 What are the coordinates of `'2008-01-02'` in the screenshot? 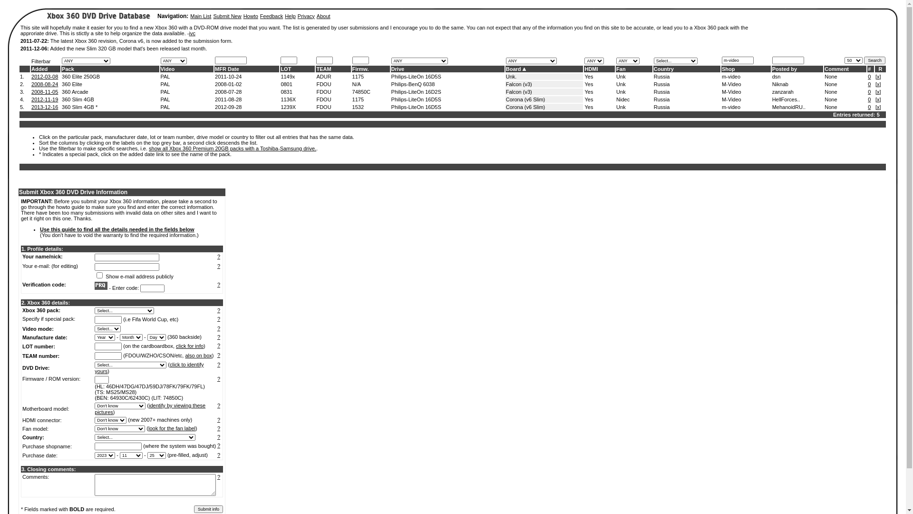 It's located at (228, 84).